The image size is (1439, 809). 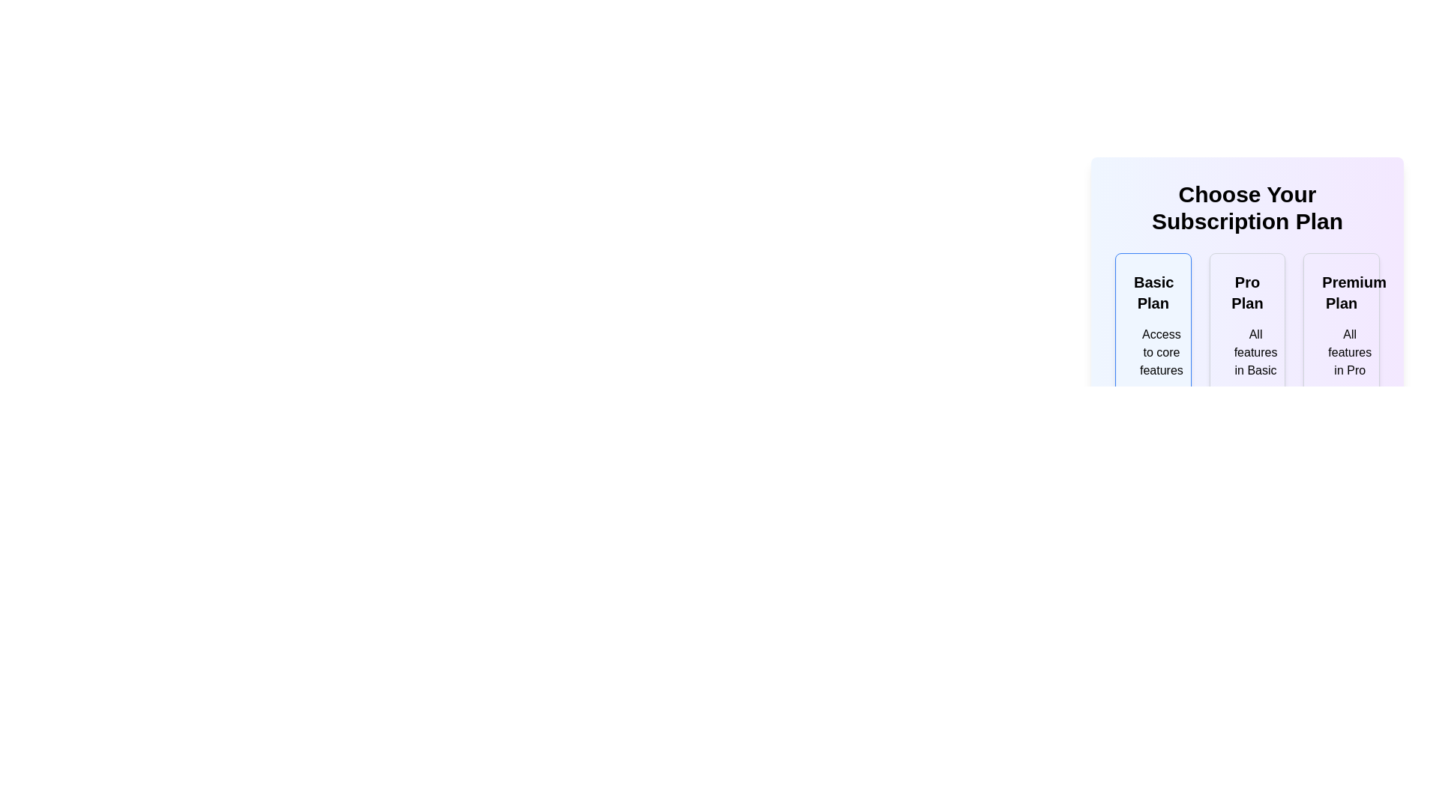 What do you see at coordinates (1247, 207) in the screenshot?
I see `the Heading text that serves as a title for the subscription selection section, which is centrally aligned and located at the top of the subscription details section` at bounding box center [1247, 207].